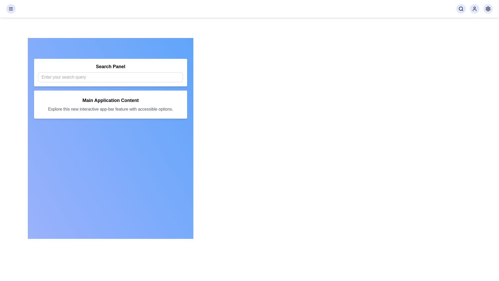 The image size is (499, 281). I want to click on the 'Search Panel' header text, so click(110, 66).